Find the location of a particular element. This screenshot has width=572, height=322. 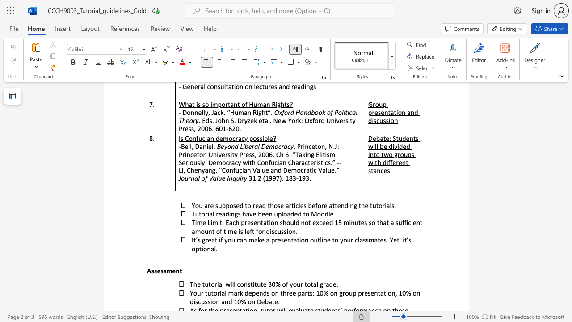

the subset text "ssessment" within the text "Assessment" is located at coordinates (151, 270).